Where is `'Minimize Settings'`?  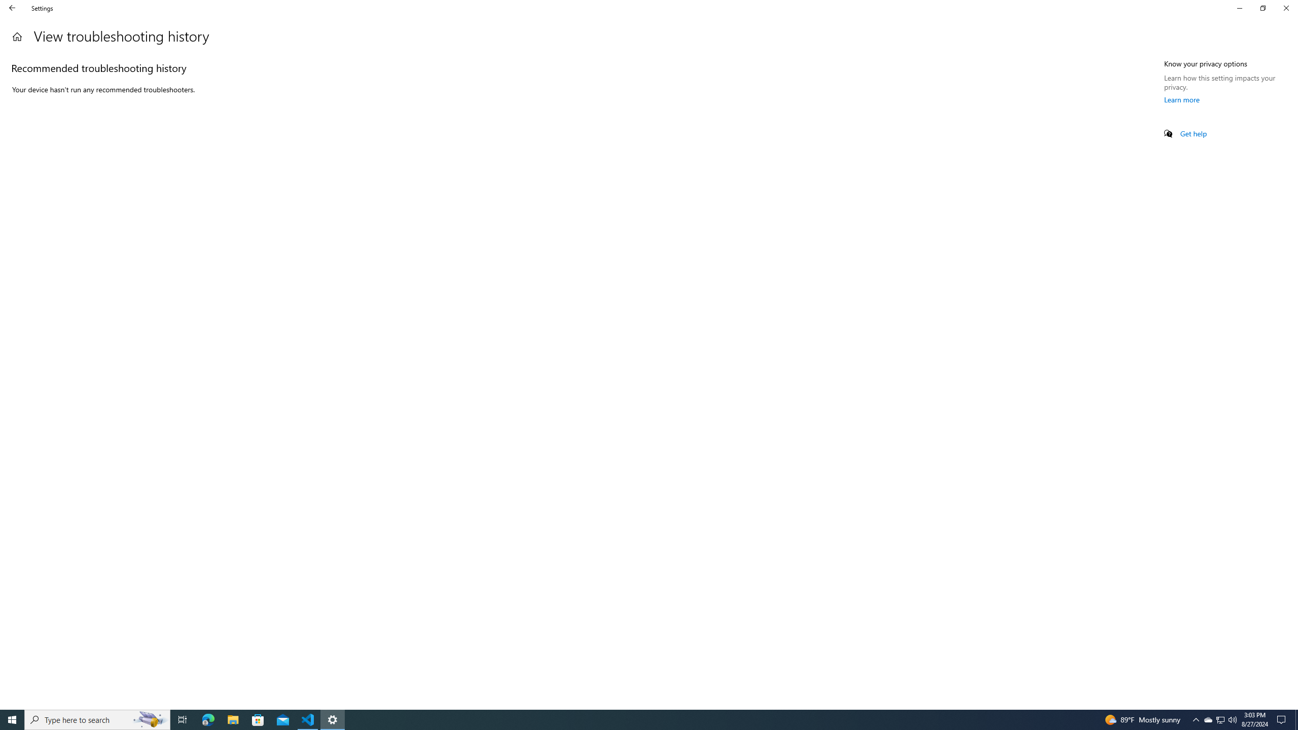
'Minimize Settings' is located at coordinates (1239, 8).